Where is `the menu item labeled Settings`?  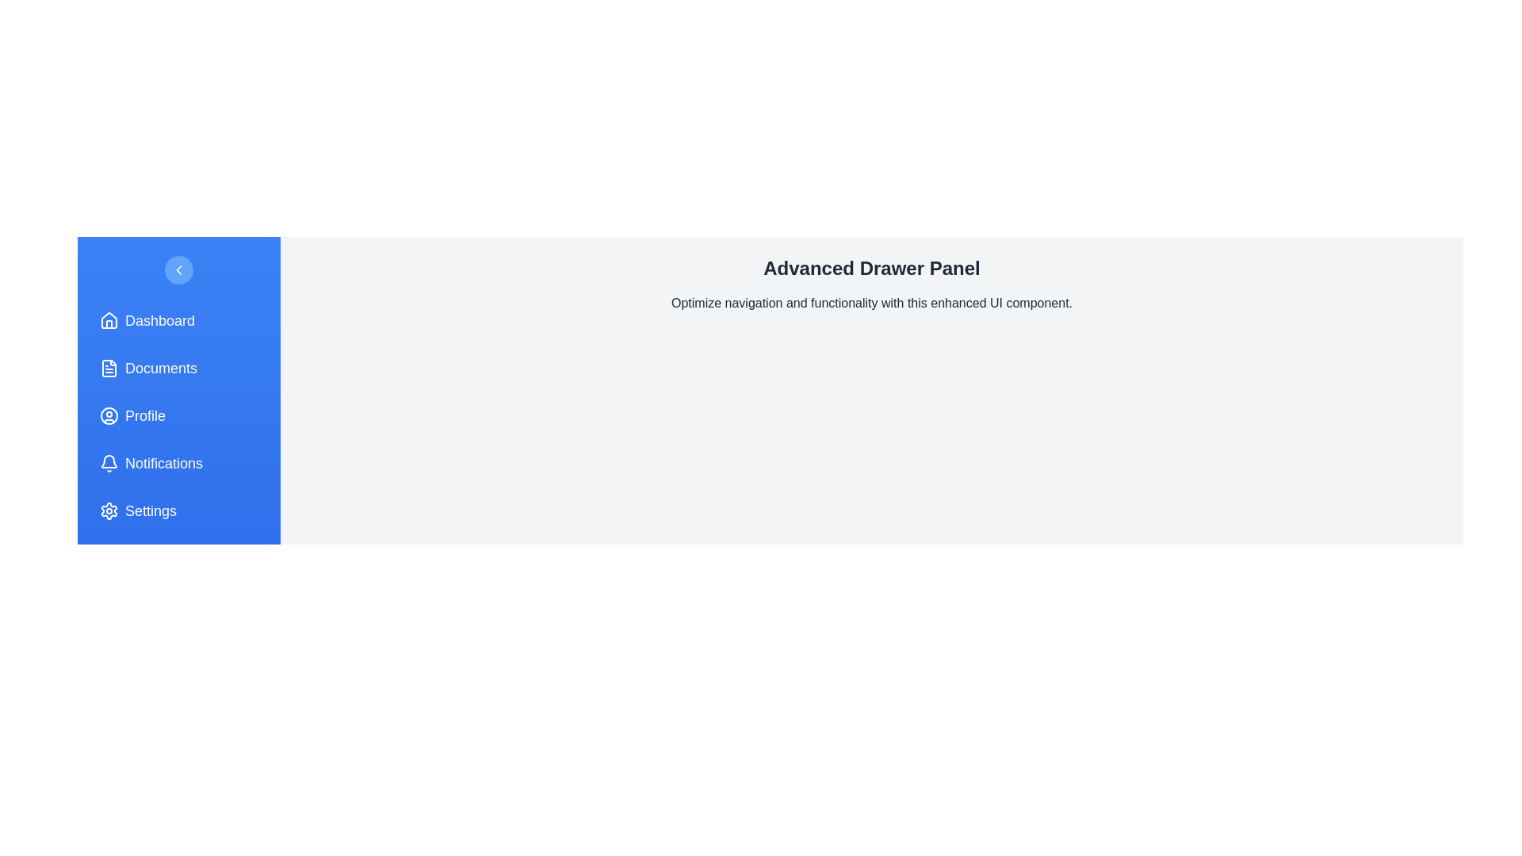 the menu item labeled Settings is located at coordinates (178, 510).